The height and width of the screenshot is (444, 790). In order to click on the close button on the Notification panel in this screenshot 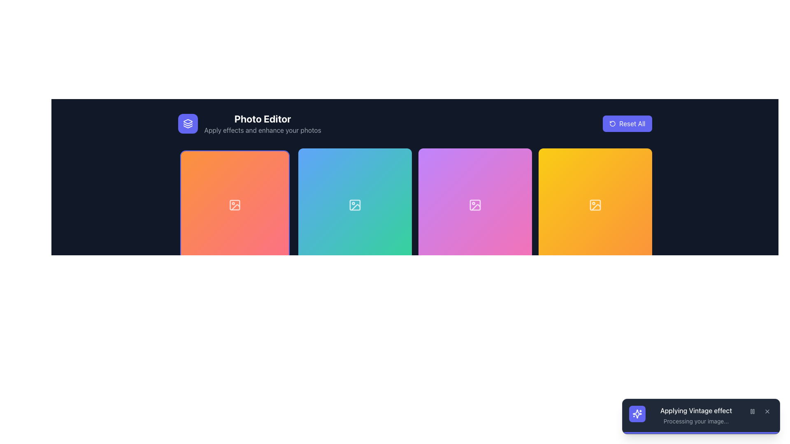, I will do `click(701, 415)`.